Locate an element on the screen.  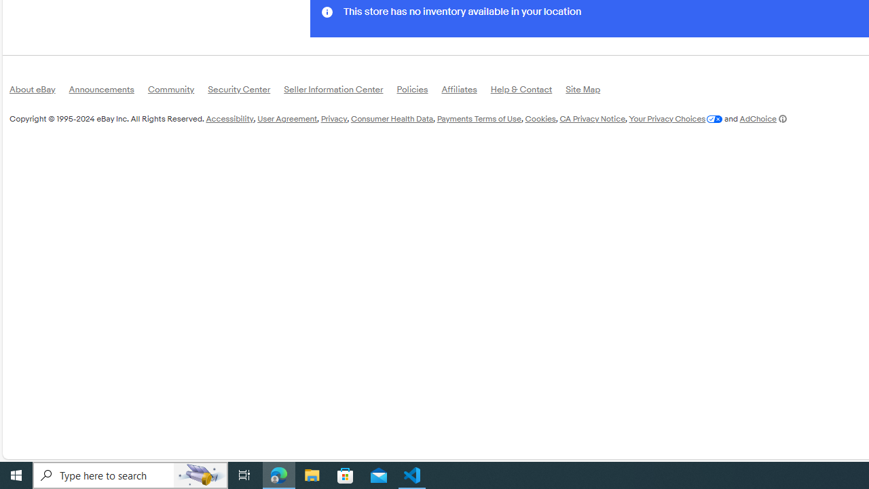
'Affiliates' is located at coordinates (466, 92).